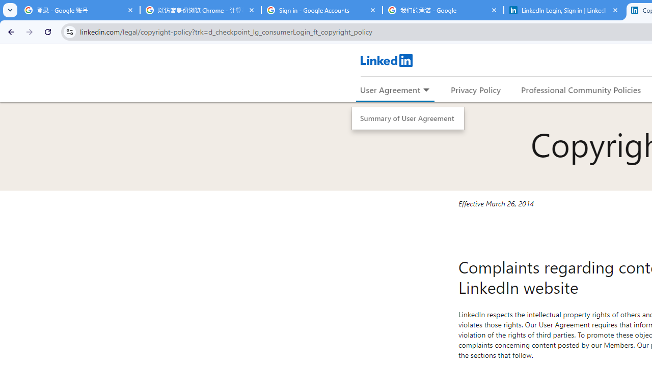  Describe the element at coordinates (564, 10) in the screenshot. I see `'LinkedIn Login, Sign in | LinkedIn'` at that location.